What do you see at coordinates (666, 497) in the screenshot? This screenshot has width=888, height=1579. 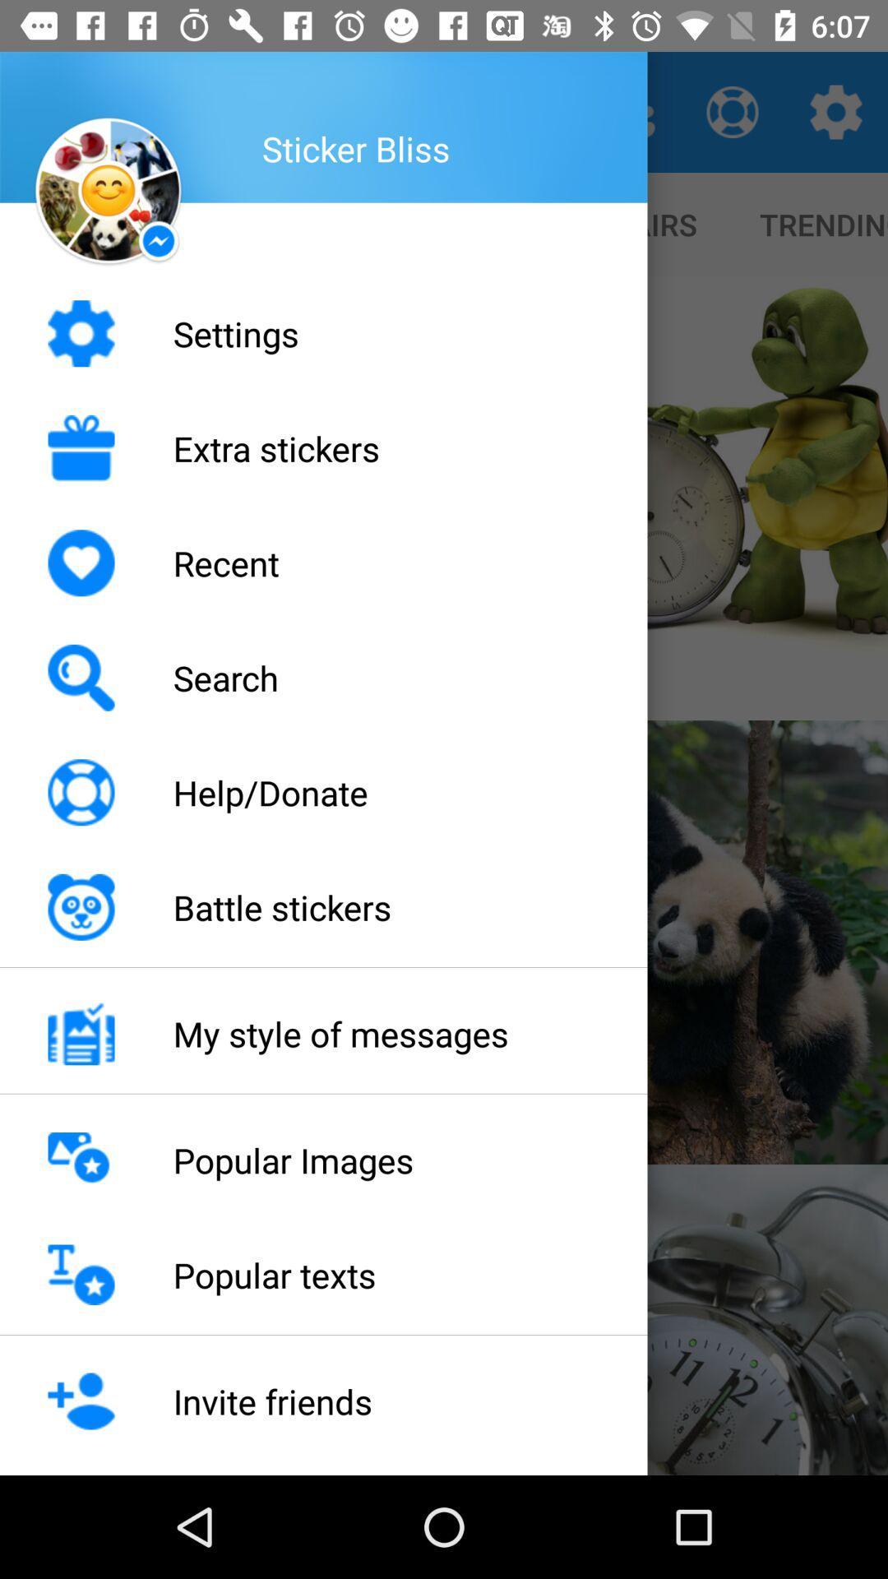 I see `take the turtle image right to settings` at bounding box center [666, 497].